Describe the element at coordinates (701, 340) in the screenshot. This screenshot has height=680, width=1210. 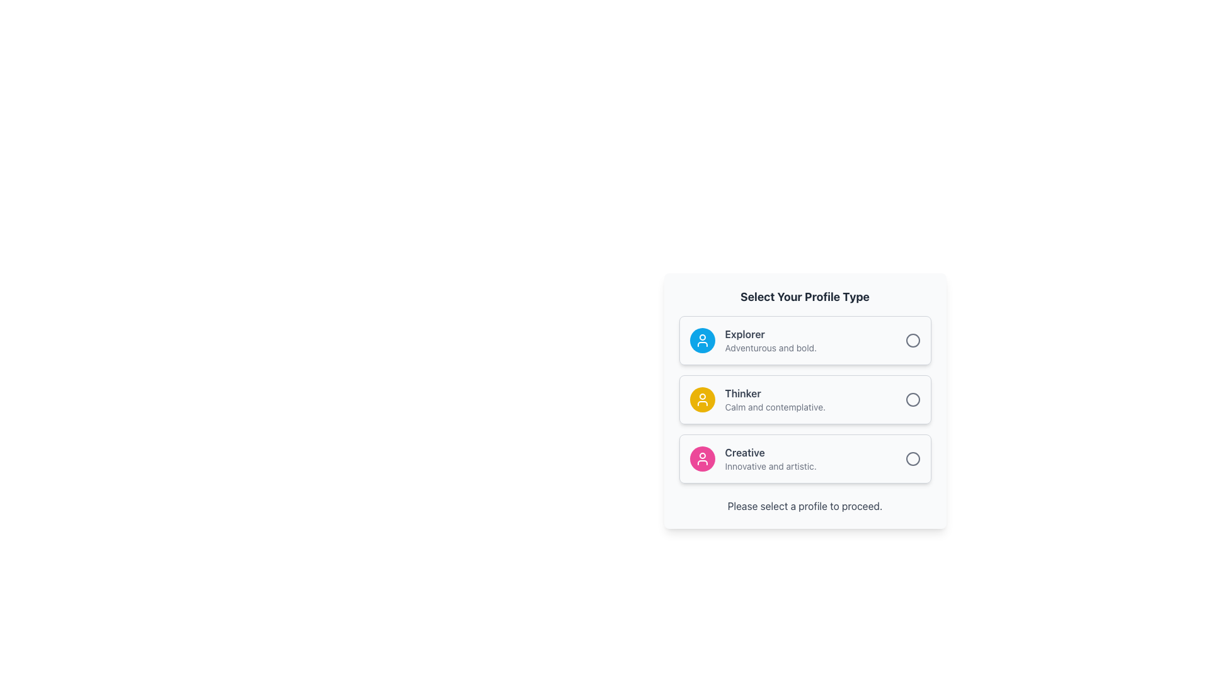
I see `the 'Explorer' profile type icon, which is the first in the vertically arranged list of profile type selectors located at the top, next to the label 'Explorer'` at that location.